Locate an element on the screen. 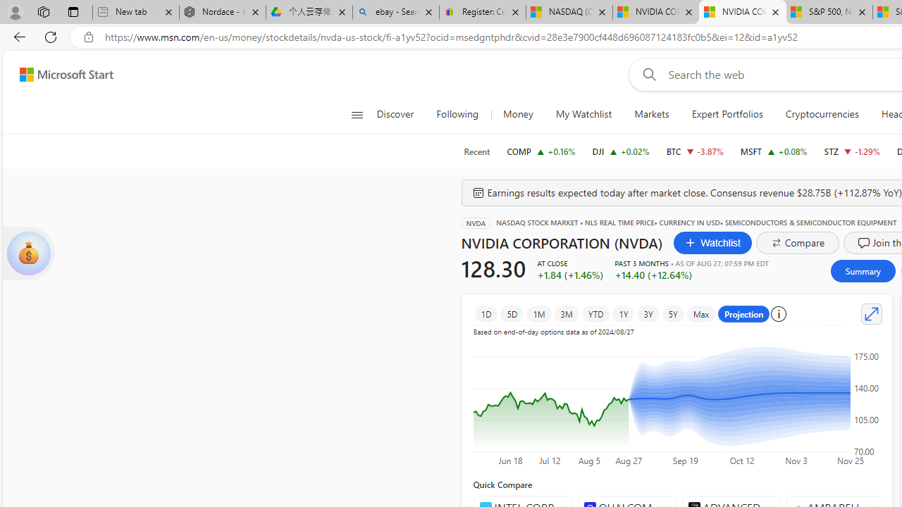 Image resolution: width=902 pixels, height=507 pixels. 'Skip to content' is located at coordinates (61, 74).